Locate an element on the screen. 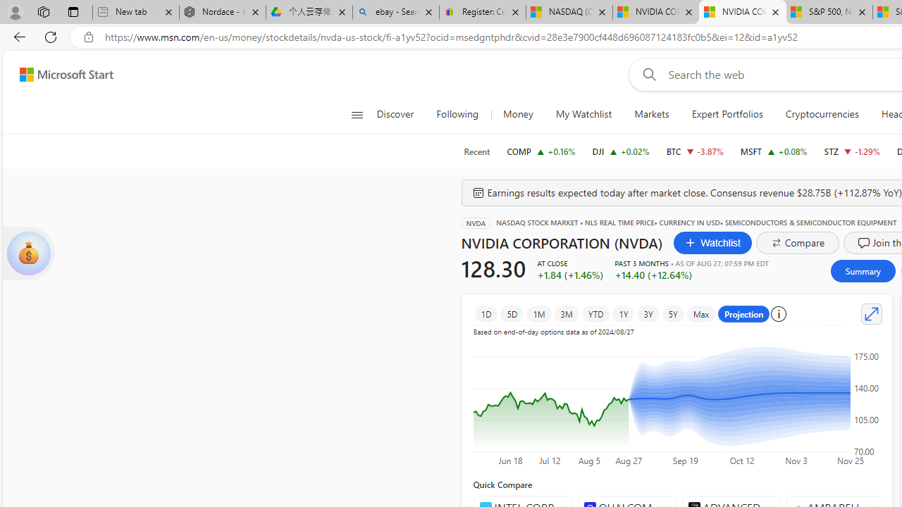 Image resolution: width=902 pixels, height=507 pixels. 'Skip to content' is located at coordinates (61, 74).